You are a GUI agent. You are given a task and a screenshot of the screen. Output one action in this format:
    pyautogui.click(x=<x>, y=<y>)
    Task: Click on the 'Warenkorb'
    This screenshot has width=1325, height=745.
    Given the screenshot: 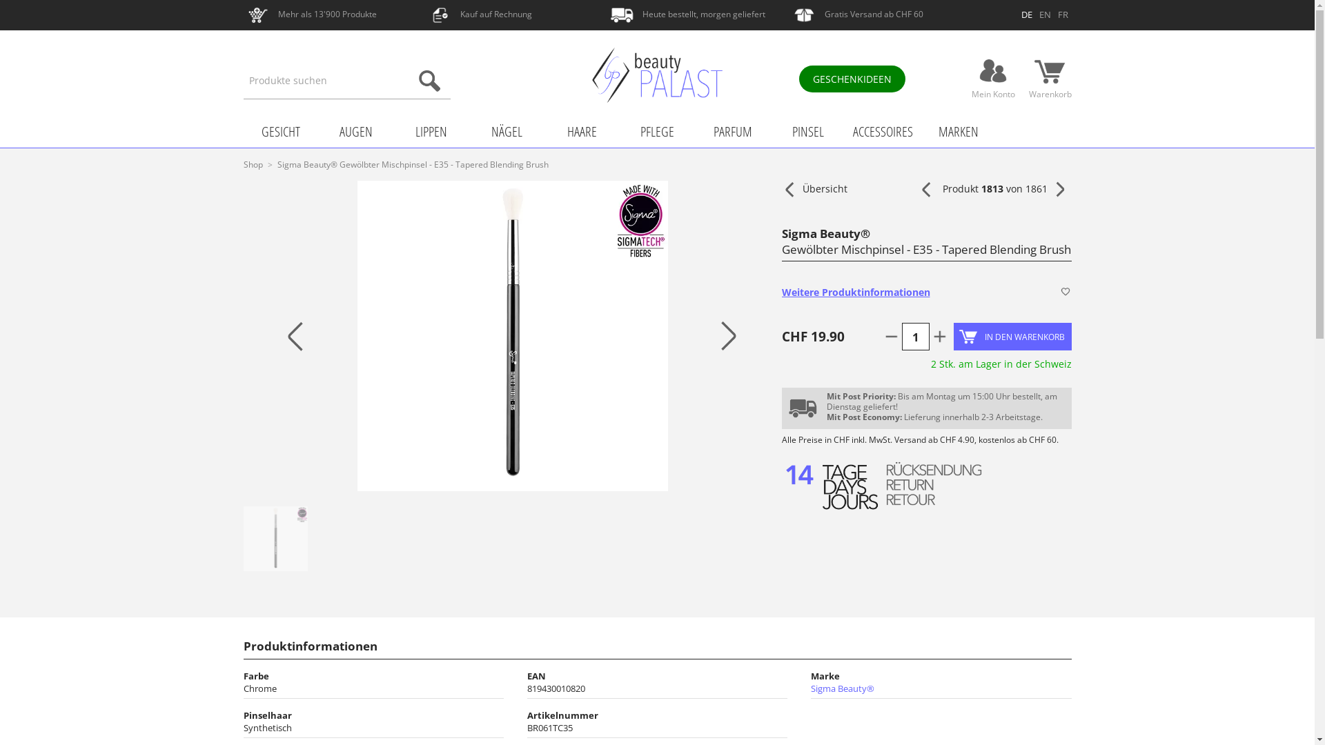 What is the action you would take?
    pyautogui.click(x=1049, y=72)
    